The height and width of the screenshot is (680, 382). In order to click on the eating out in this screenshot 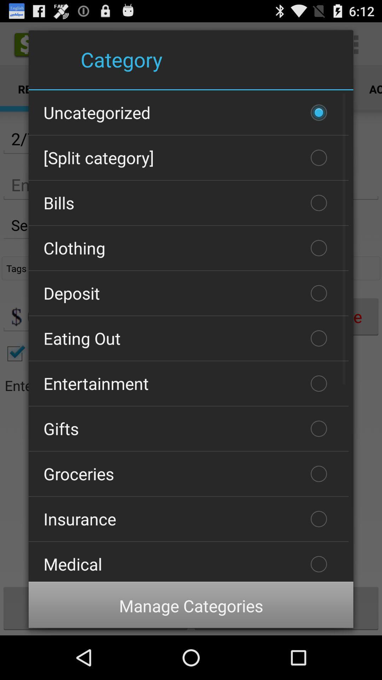, I will do `click(188, 338)`.